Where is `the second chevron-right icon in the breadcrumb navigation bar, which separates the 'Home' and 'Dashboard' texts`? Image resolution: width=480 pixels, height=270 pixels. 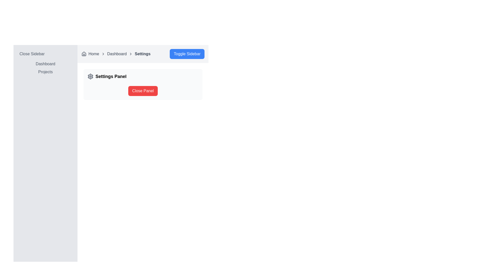 the second chevron-right icon in the breadcrumb navigation bar, which separates the 'Home' and 'Dashboard' texts is located at coordinates (103, 54).